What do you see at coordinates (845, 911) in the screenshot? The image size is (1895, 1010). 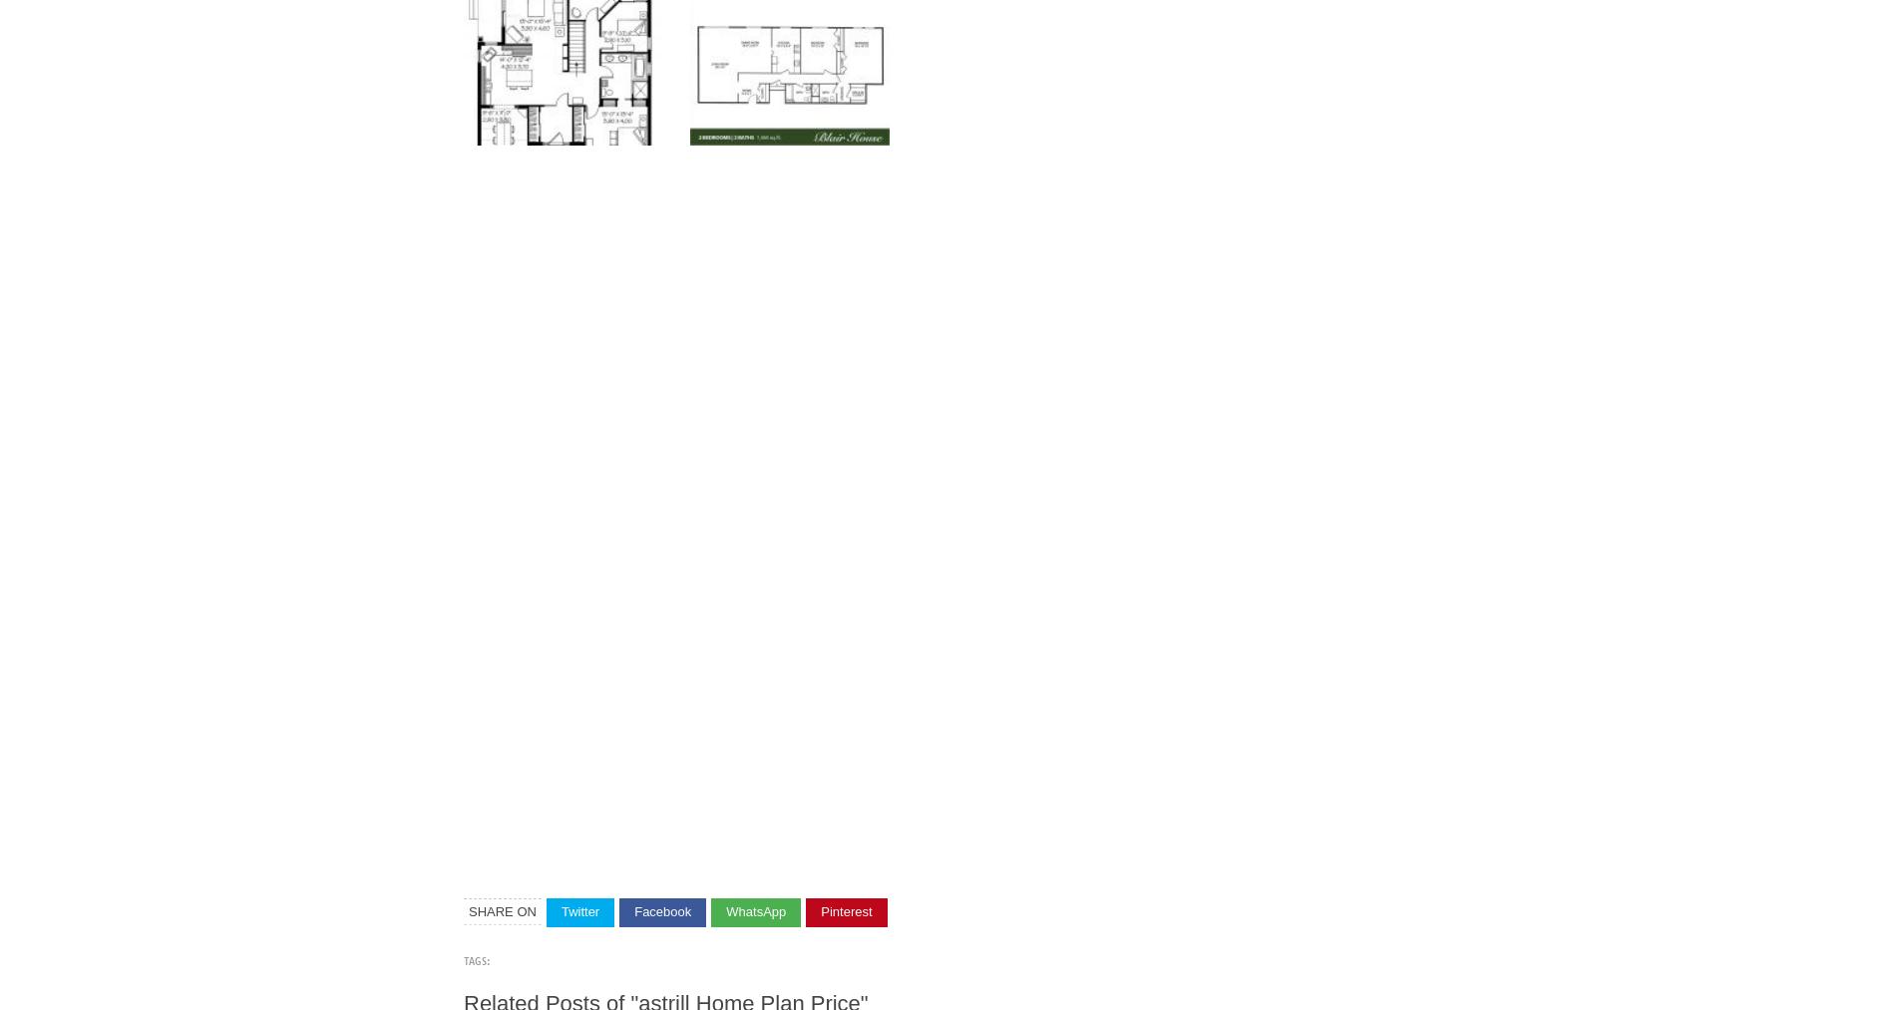 I see `'Pinterest'` at bounding box center [845, 911].